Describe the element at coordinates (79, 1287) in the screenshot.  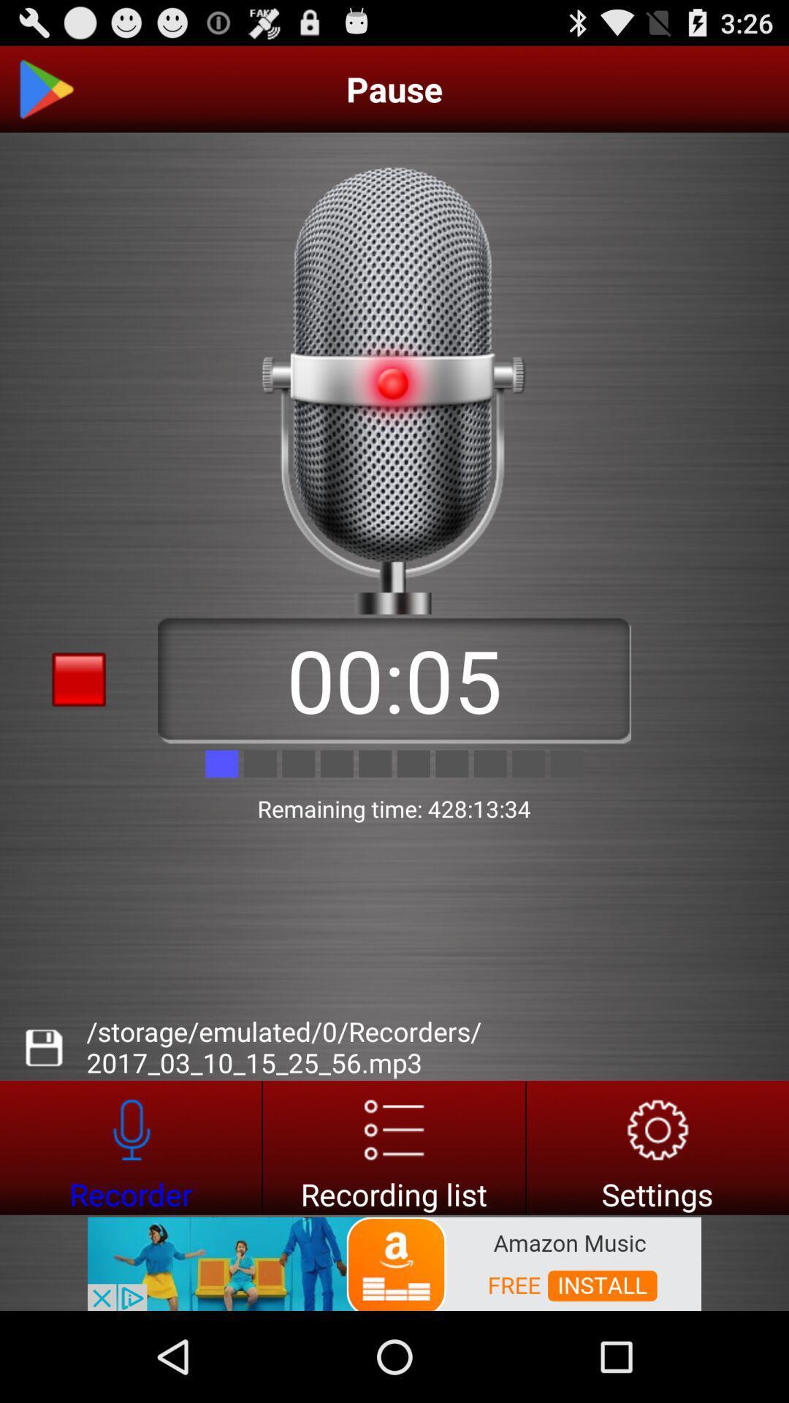
I see `advert` at that location.